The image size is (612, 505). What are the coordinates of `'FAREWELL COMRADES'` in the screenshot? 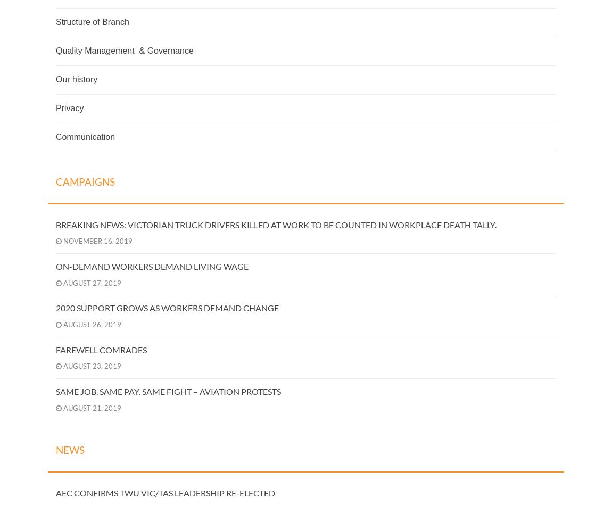 It's located at (101, 349).